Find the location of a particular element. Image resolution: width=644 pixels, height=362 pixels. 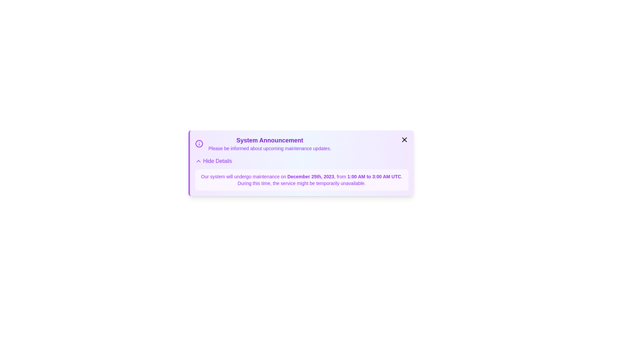

the informational text component that provides details about a maintenance announcement, located beneath 'System Announcement' within the notification box is located at coordinates (270, 148).